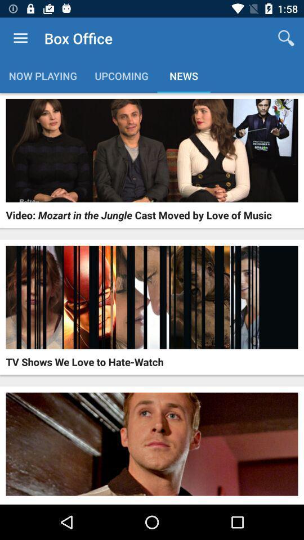 This screenshot has height=540, width=304. I want to click on ryan gosling s item, so click(76, 502).